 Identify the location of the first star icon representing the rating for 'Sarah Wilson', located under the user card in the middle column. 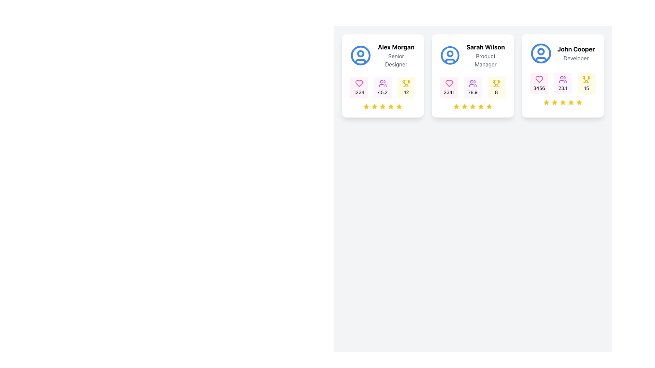
(456, 106).